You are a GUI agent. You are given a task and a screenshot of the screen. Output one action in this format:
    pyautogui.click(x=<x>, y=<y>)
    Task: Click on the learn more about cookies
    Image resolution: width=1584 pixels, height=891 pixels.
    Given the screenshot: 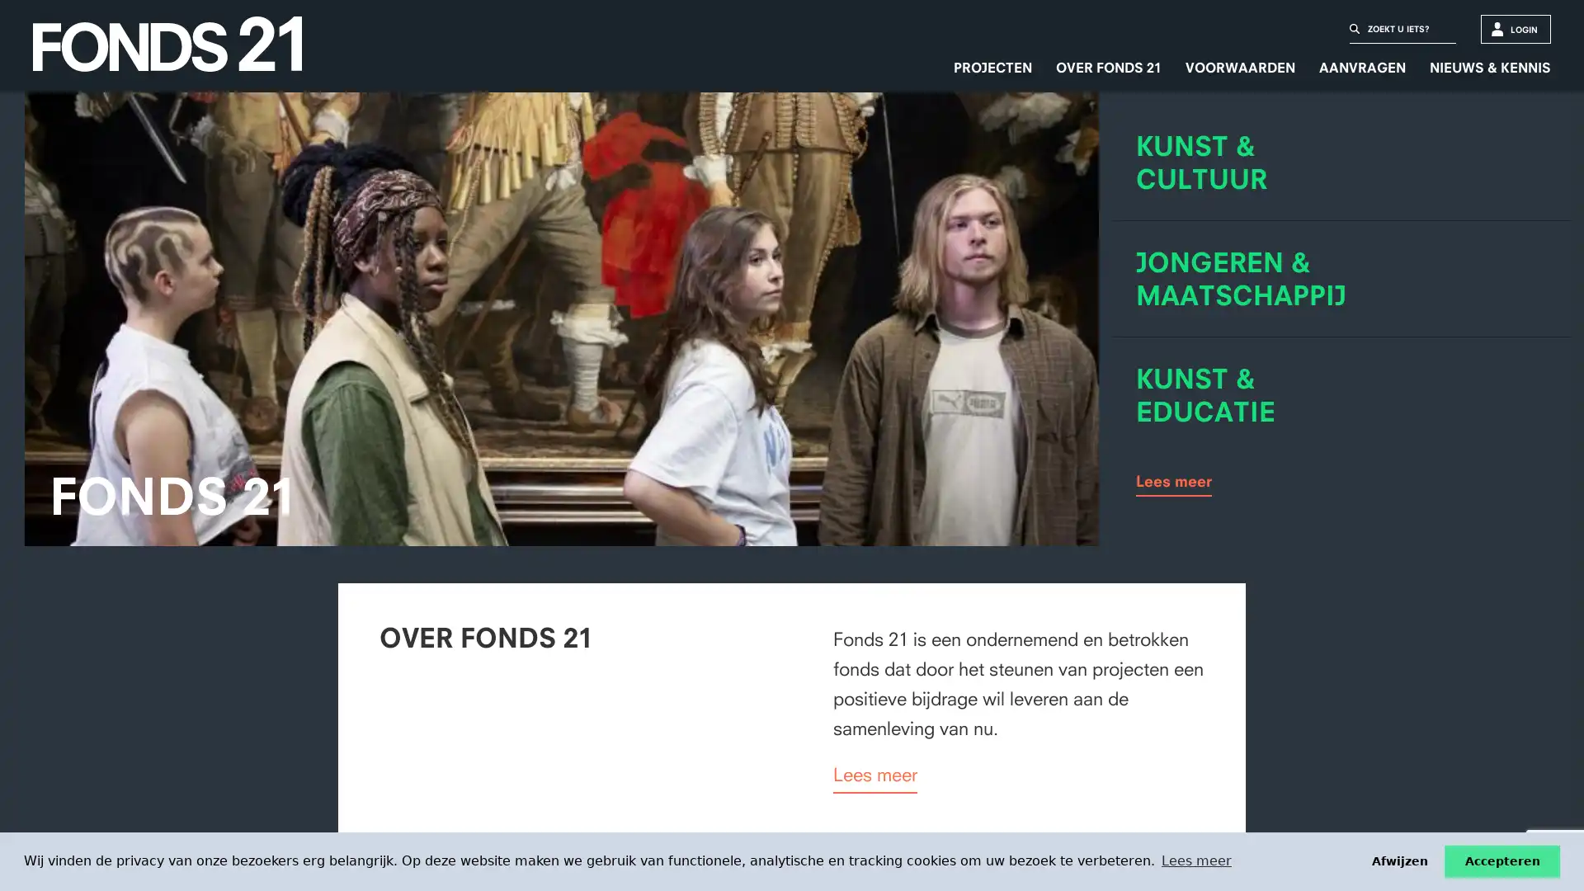 What is the action you would take?
    pyautogui.click(x=1195, y=860)
    